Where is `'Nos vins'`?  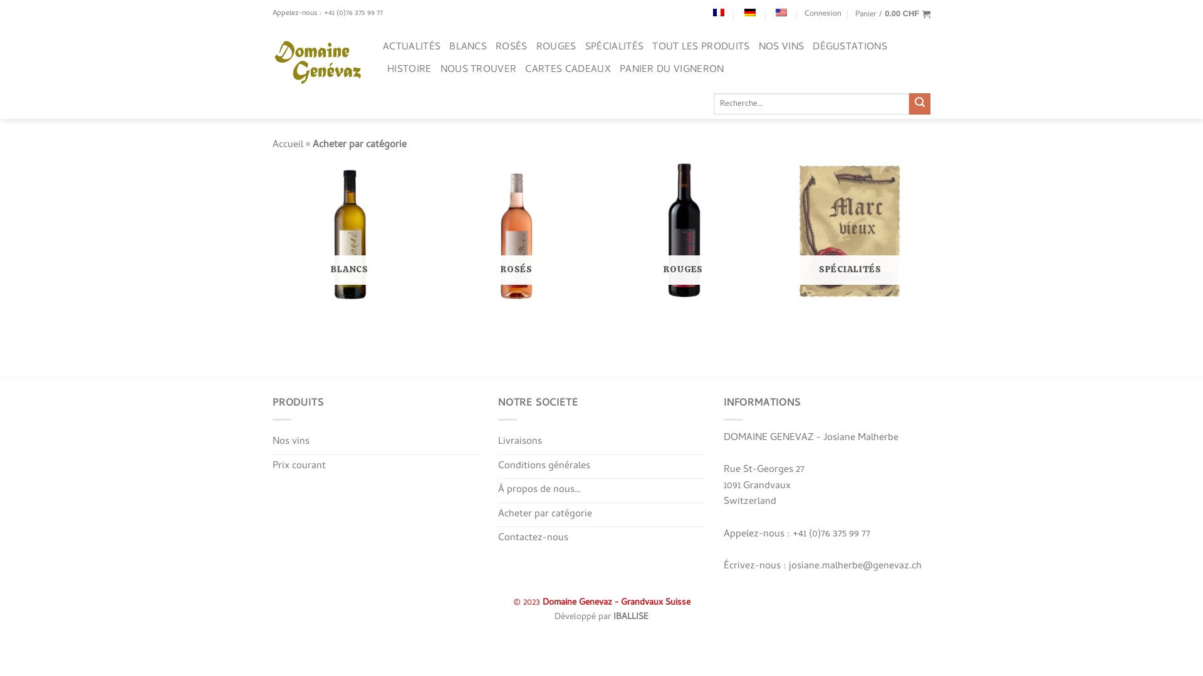 'Nos vins' is located at coordinates (290, 441).